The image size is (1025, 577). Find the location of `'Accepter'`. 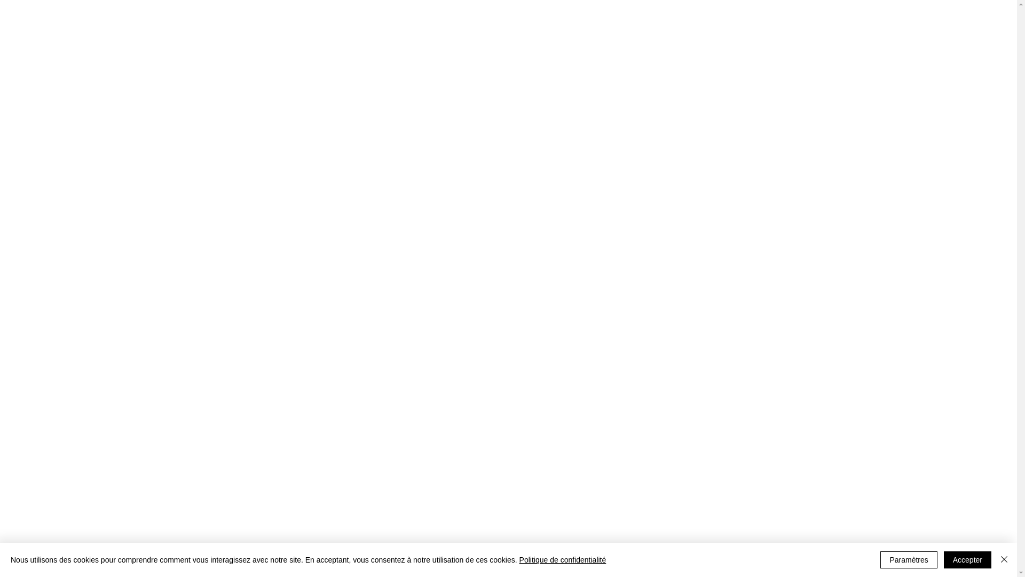

'Accepter' is located at coordinates (967, 559).